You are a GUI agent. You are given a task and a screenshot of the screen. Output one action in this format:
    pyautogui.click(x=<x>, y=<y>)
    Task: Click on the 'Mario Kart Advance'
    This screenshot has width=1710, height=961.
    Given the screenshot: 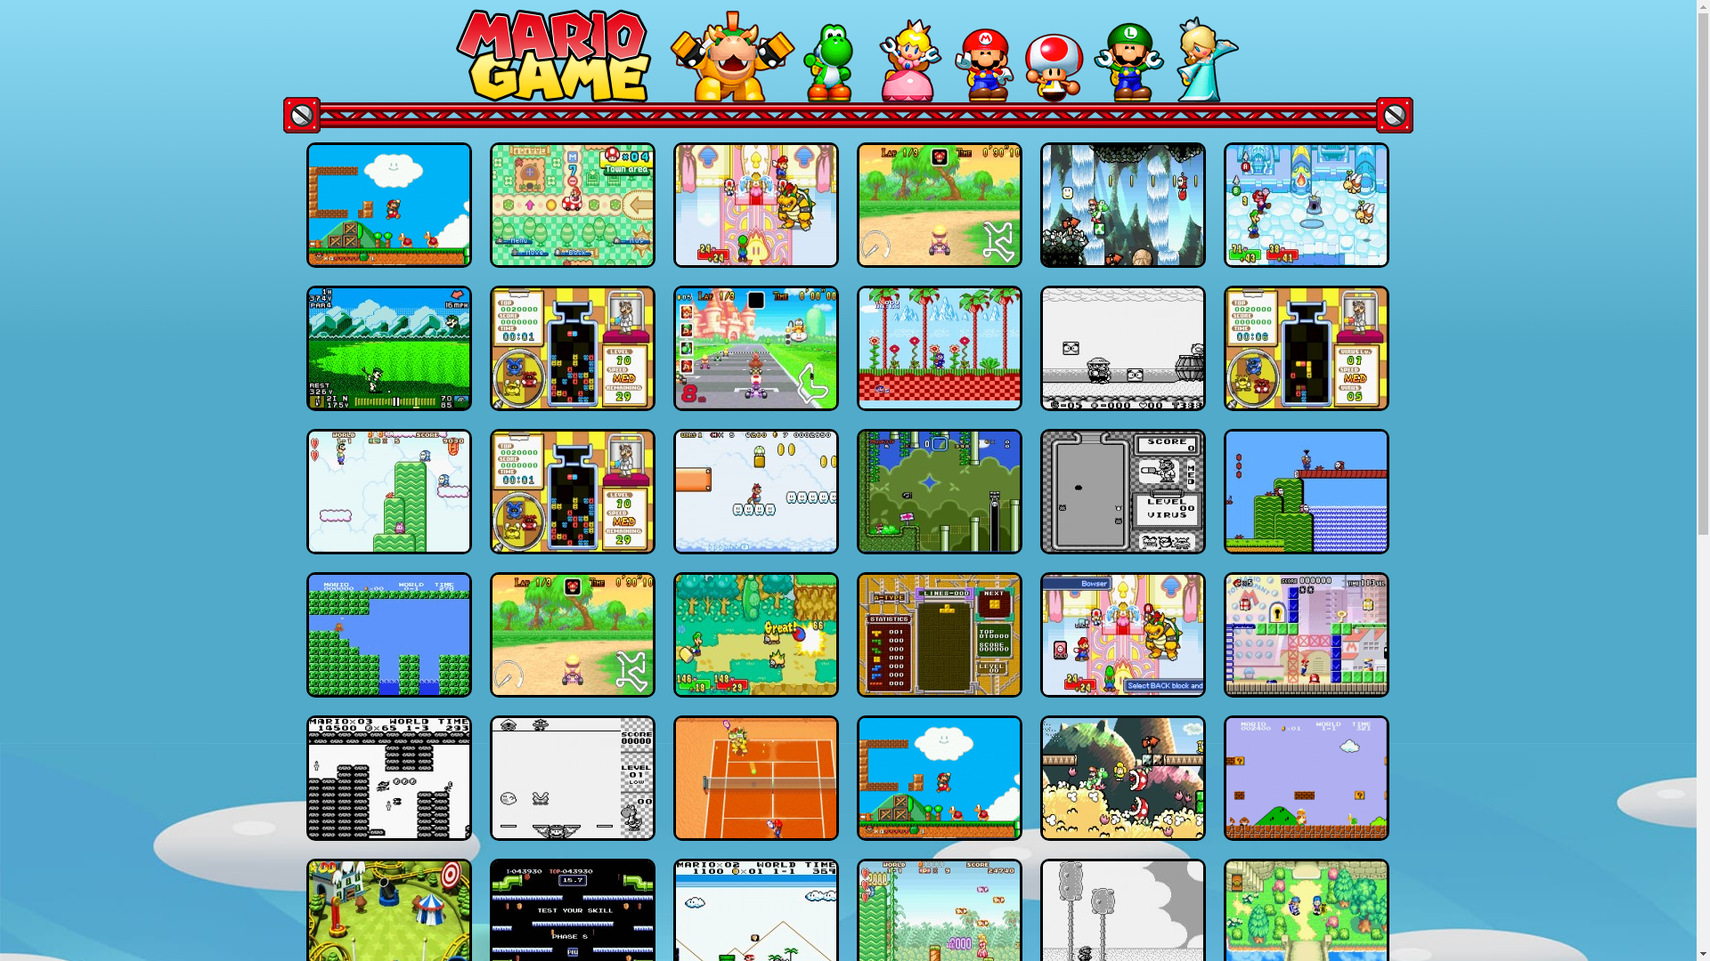 What is the action you would take?
    pyautogui.click(x=573, y=632)
    